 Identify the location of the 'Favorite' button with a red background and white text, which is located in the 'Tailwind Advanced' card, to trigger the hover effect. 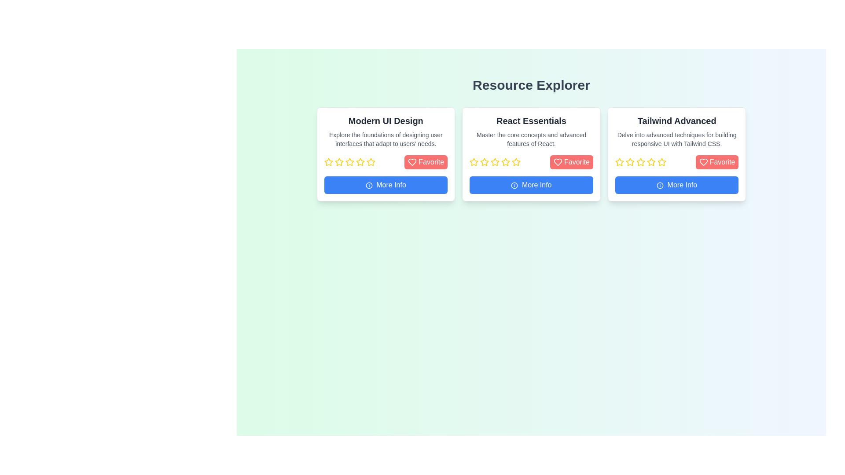
(717, 162).